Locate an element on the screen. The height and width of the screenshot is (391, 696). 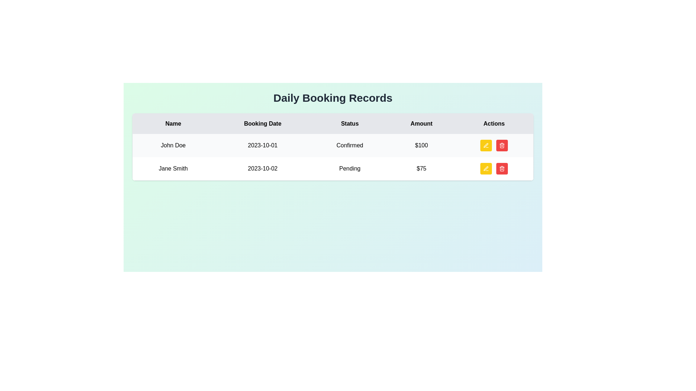
the trash can icon button with a red background located in the 'Actions' column of the second row is located at coordinates (502, 145).